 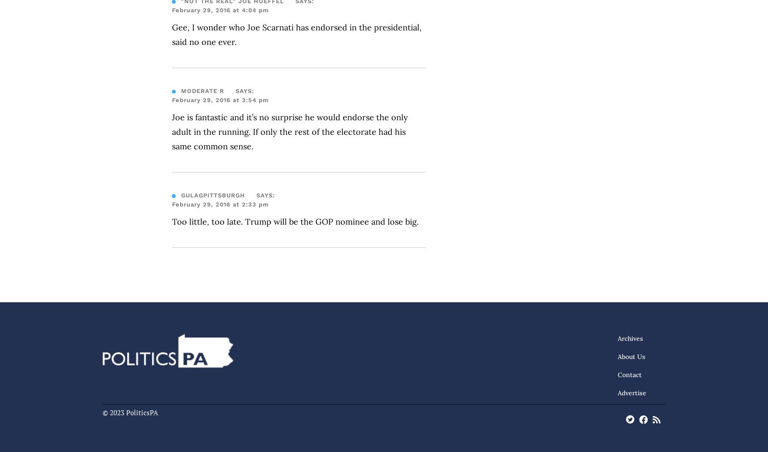 I want to click on 'February 29, 2016 at 4:04 pm', so click(x=172, y=10).